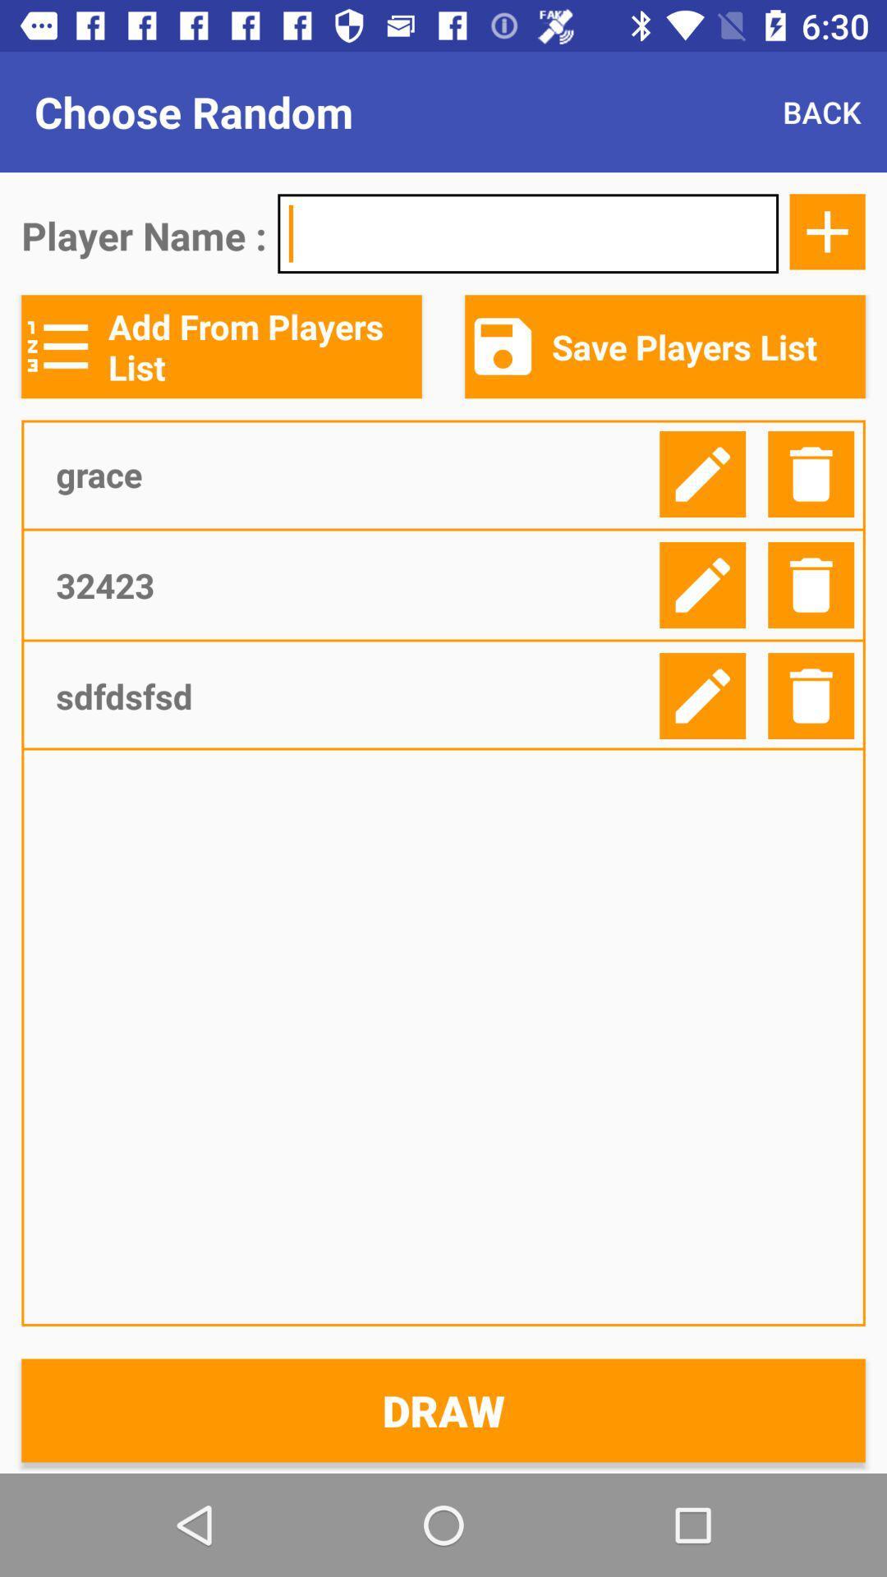 The image size is (887, 1577). I want to click on the delete button which is right to the first edit icon, so click(810, 473).